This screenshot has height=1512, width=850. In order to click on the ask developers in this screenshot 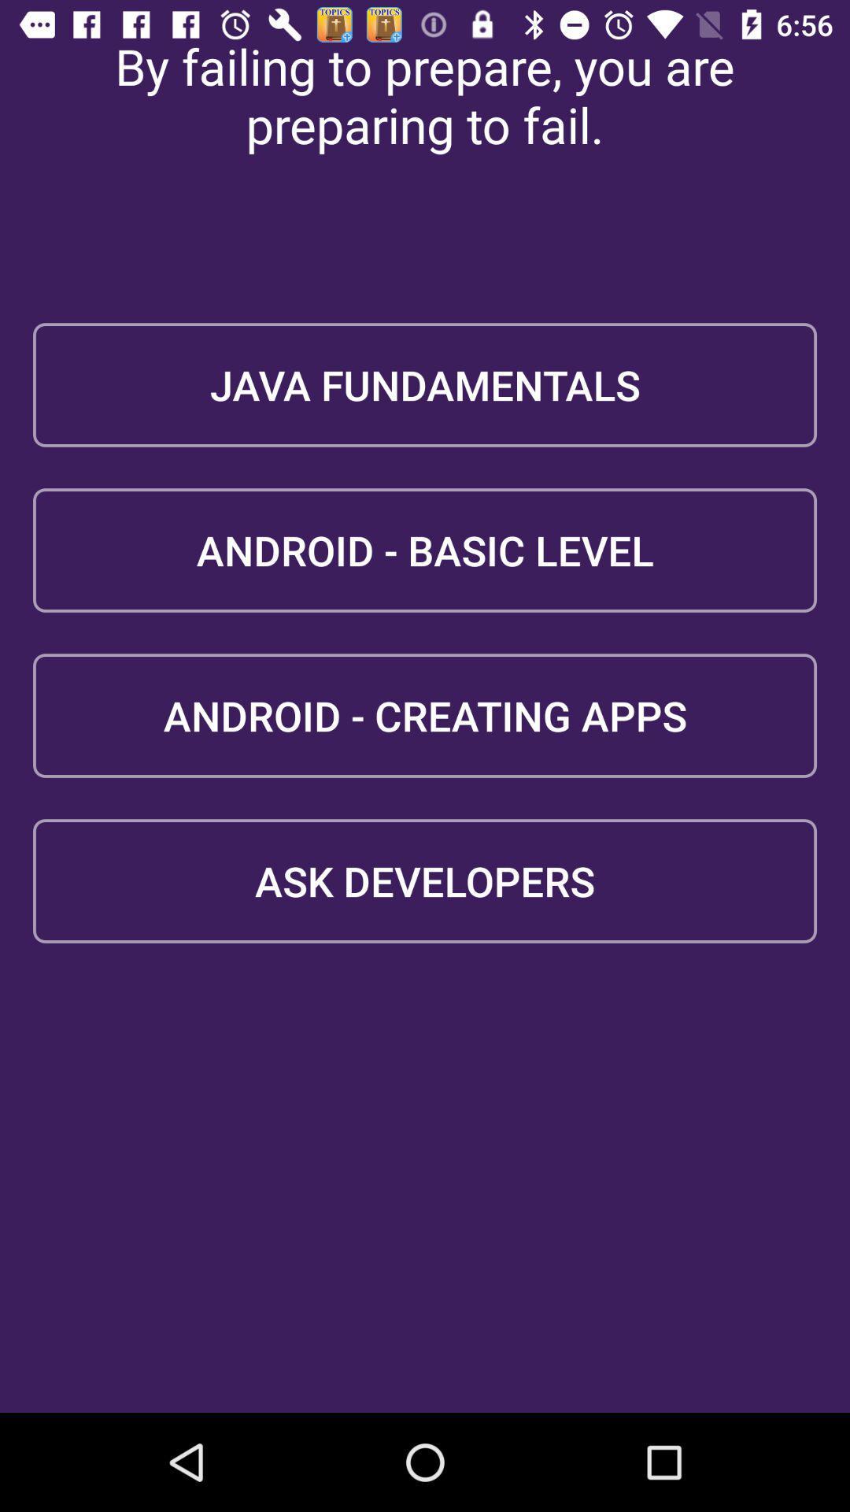, I will do `click(425, 880)`.